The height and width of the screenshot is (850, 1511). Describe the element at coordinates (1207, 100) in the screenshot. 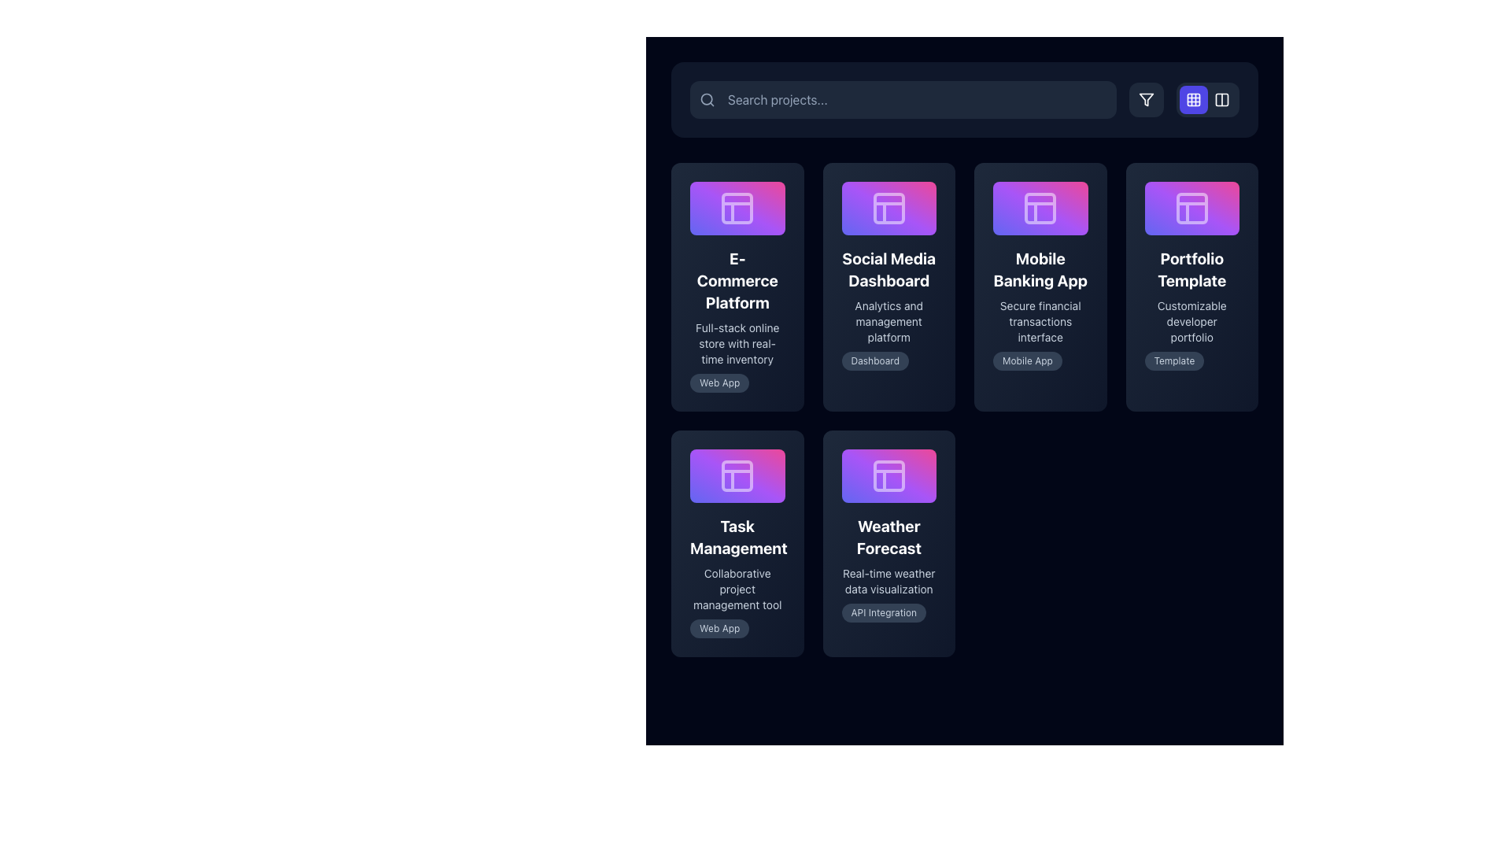

I see `the rounded rectangular purple button with a white grid icon` at that location.